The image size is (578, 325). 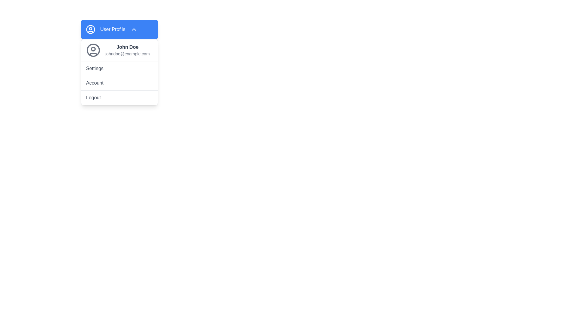 What do you see at coordinates (127, 47) in the screenshot?
I see `the static text label displaying the currently logged-in user's name, which is positioned above the email 'johndoe@example.com' in the dropdown panel of the User Profile section` at bounding box center [127, 47].